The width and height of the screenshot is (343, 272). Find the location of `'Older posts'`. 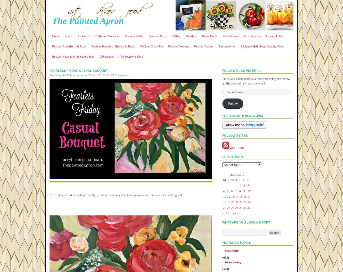

'Older posts' is located at coordinates (233, 157).